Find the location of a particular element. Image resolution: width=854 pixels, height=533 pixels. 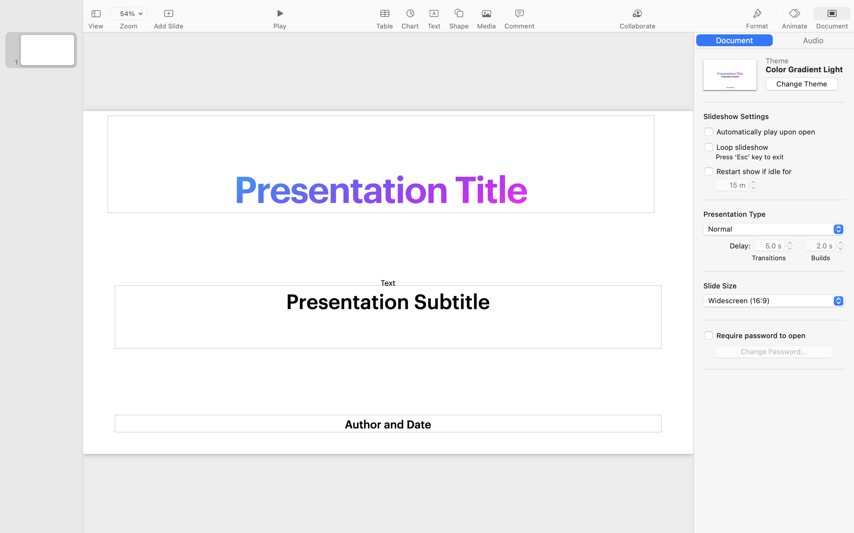

'5.0' is located at coordinates (789, 245).